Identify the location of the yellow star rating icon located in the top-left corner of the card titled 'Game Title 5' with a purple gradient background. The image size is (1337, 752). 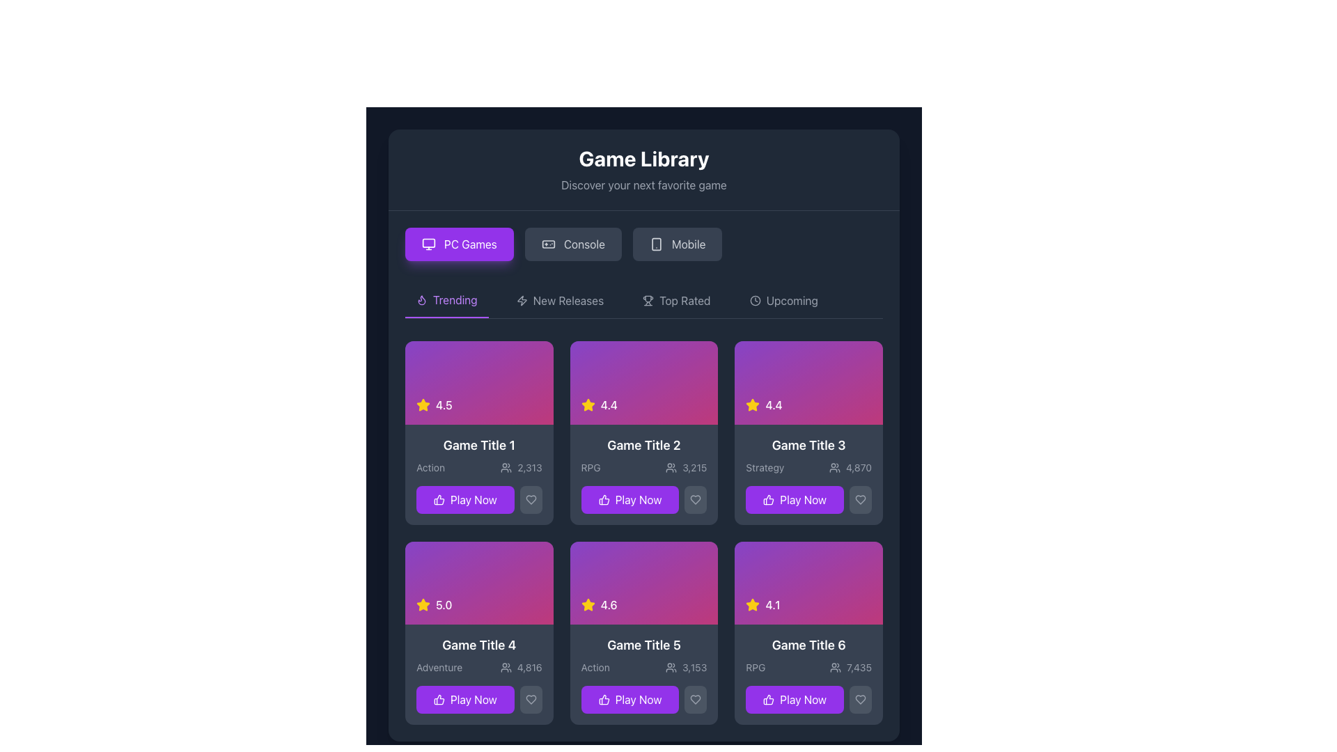
(588, 604).